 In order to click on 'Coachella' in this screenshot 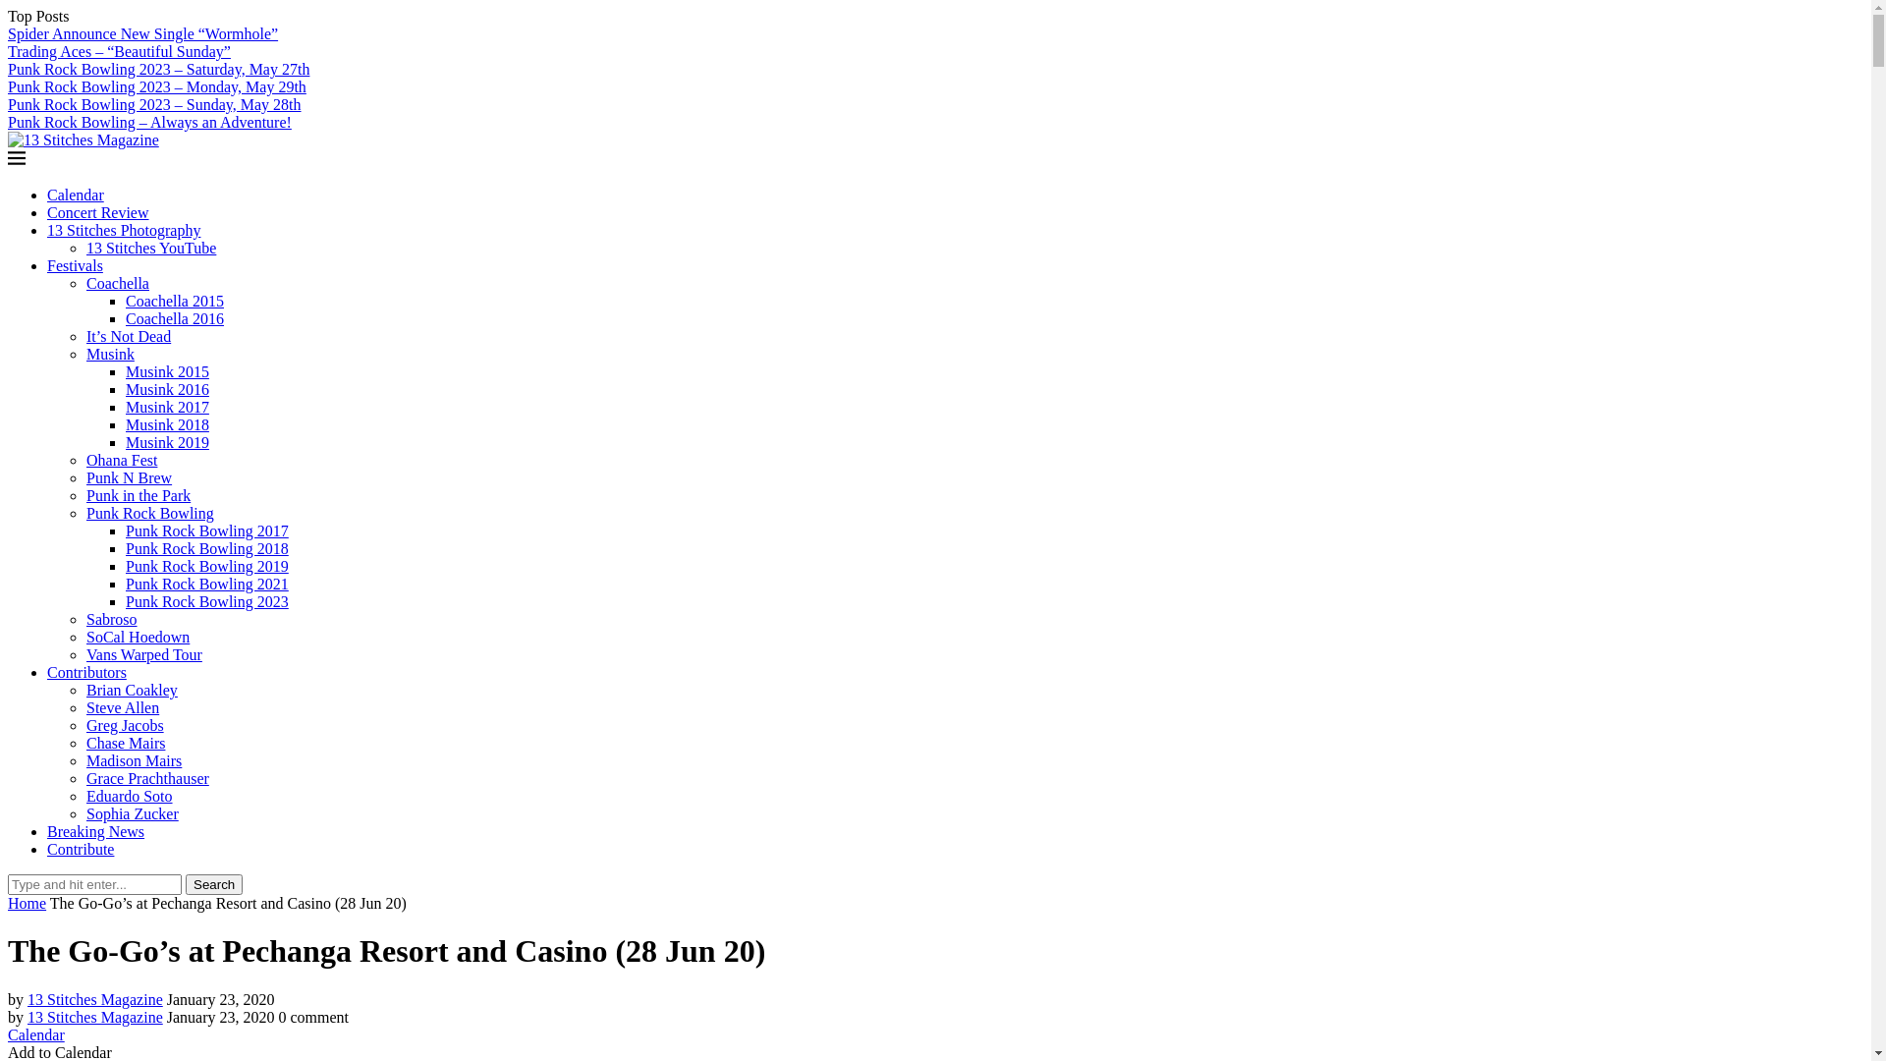, I will do `click(117, 283)`.